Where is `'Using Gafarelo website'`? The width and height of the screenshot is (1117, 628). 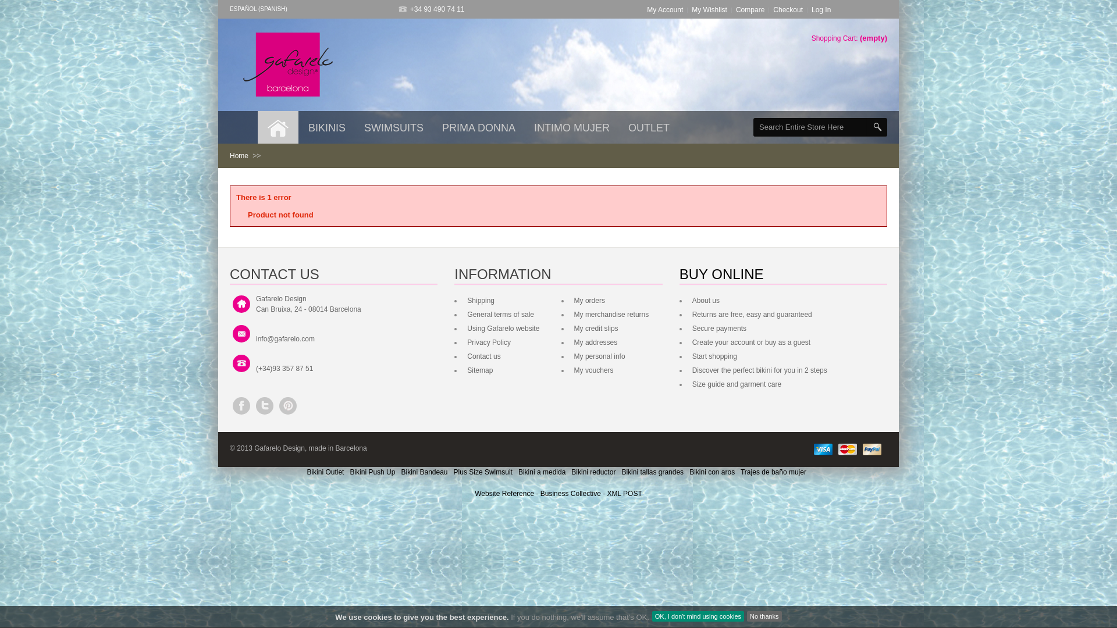
'Using Gafarelo website' is located at coordinates (501, 328).